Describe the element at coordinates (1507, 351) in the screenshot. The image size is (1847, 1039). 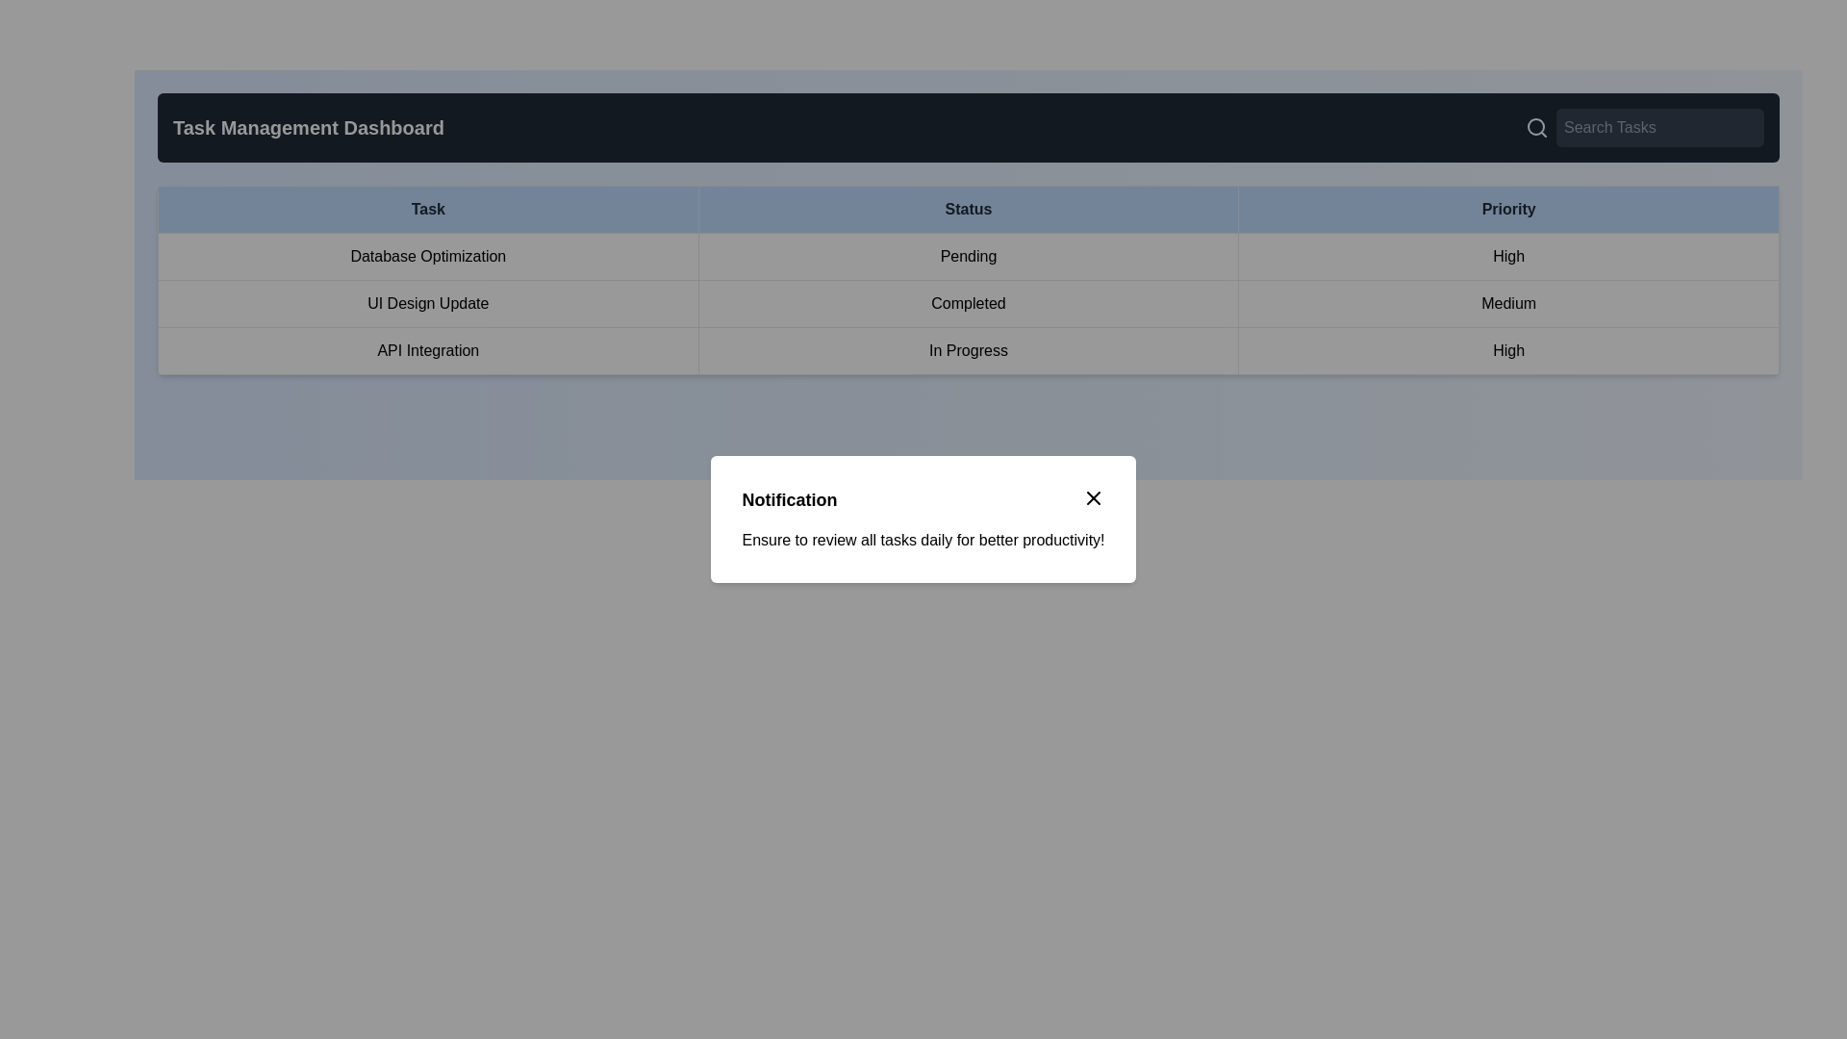
I see `the Text label in the 'Priority' column of the task labeled 'API Integration', which indicates the task's importance` at that location.